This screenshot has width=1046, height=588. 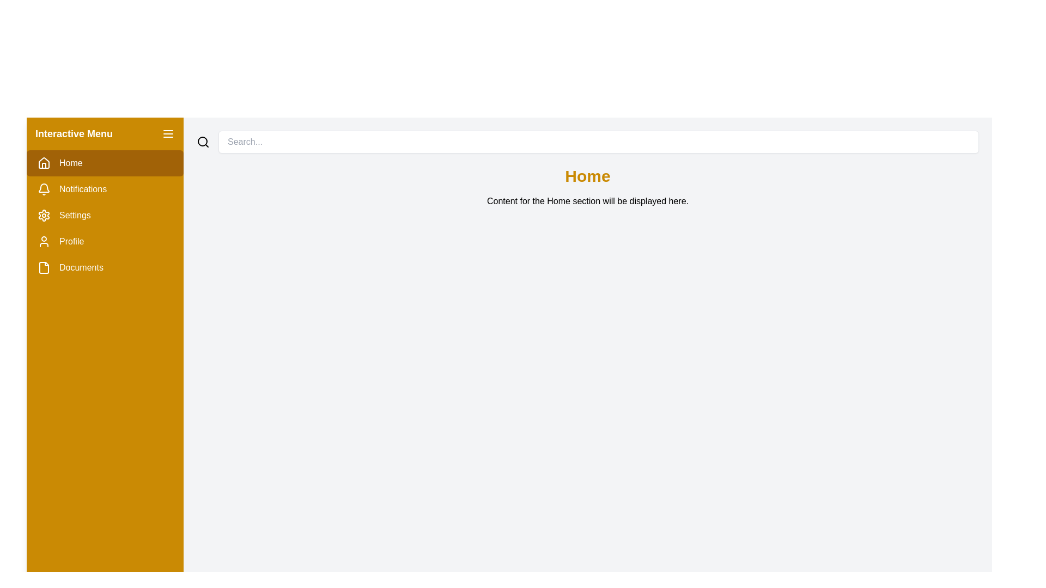 What do you see at coordinates (44, 268) in the screenshot?
I see `the SVG-based icon serving as a visual indicator for the 'Documents' menu item located to the left of the text label 'Documents' in the left-side vertical menu` at bounding box center [44, 268].